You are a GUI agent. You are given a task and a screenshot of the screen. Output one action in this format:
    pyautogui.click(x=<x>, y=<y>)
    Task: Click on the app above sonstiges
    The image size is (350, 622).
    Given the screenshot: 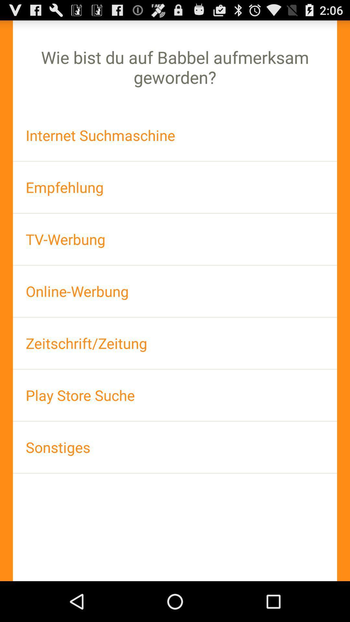 What is the action you would take?
    pyautogui.click(x=175, y=395)
    